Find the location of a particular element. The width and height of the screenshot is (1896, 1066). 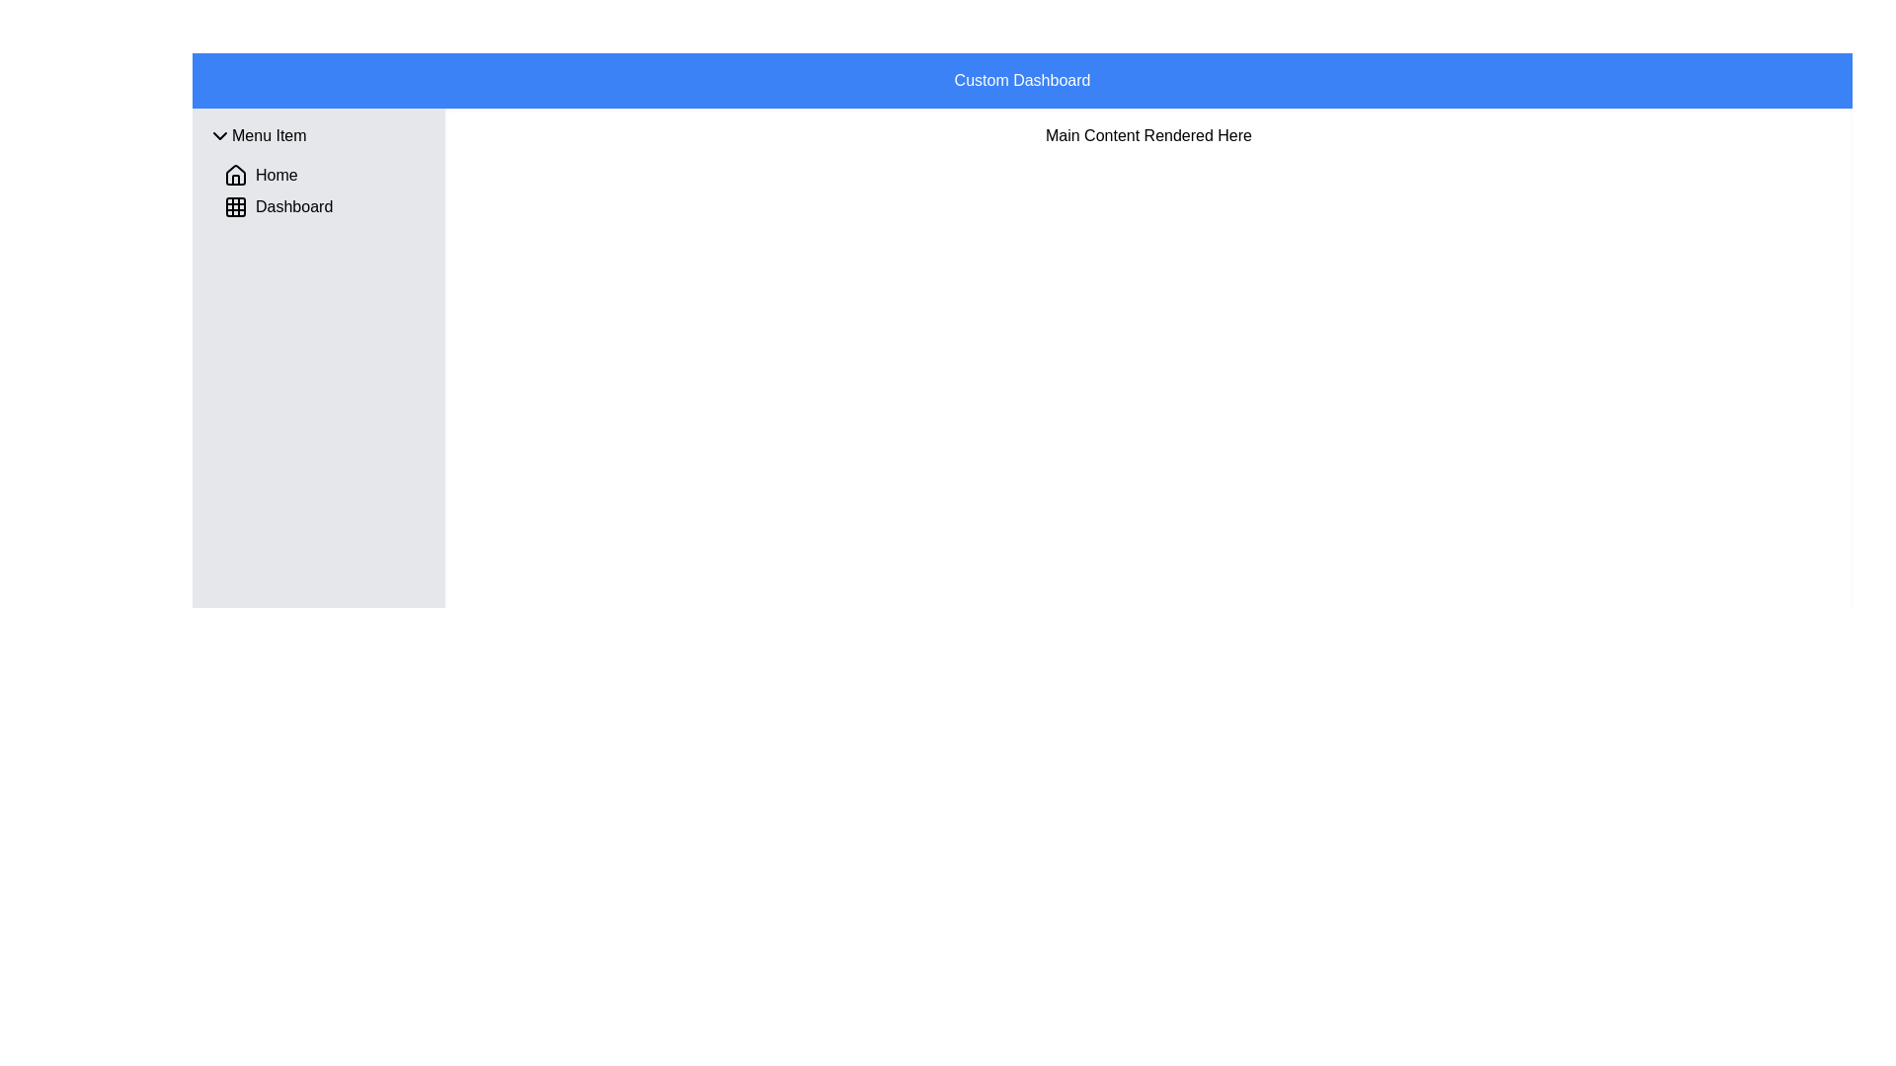

the 'Dashboard' icon in the left navigation menu is located at coordinates (236, 206).